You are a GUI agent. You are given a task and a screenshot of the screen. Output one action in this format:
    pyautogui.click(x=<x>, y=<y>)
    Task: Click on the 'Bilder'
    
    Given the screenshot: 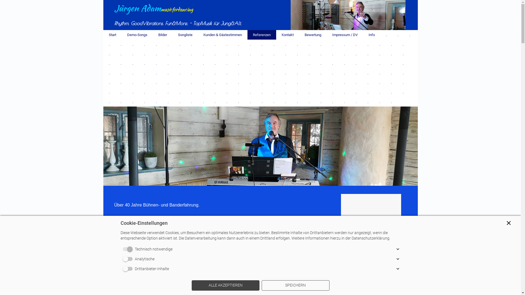 What is the action you would take?
    pyautogui.click(x=162, y=35)
    